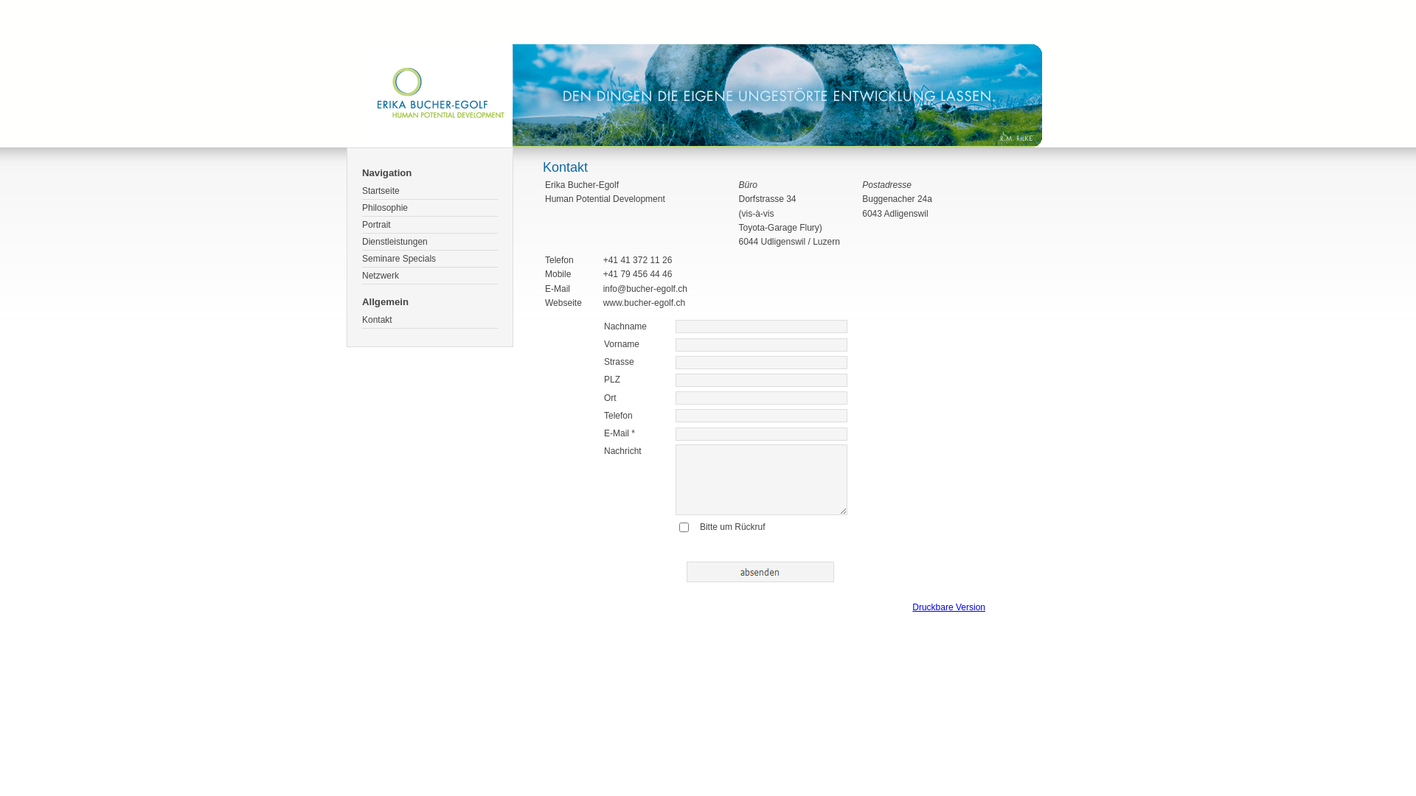  Describe the element at coordinates (948, 607) in the screenshot. I see `'Druckbare Version'` at that location.